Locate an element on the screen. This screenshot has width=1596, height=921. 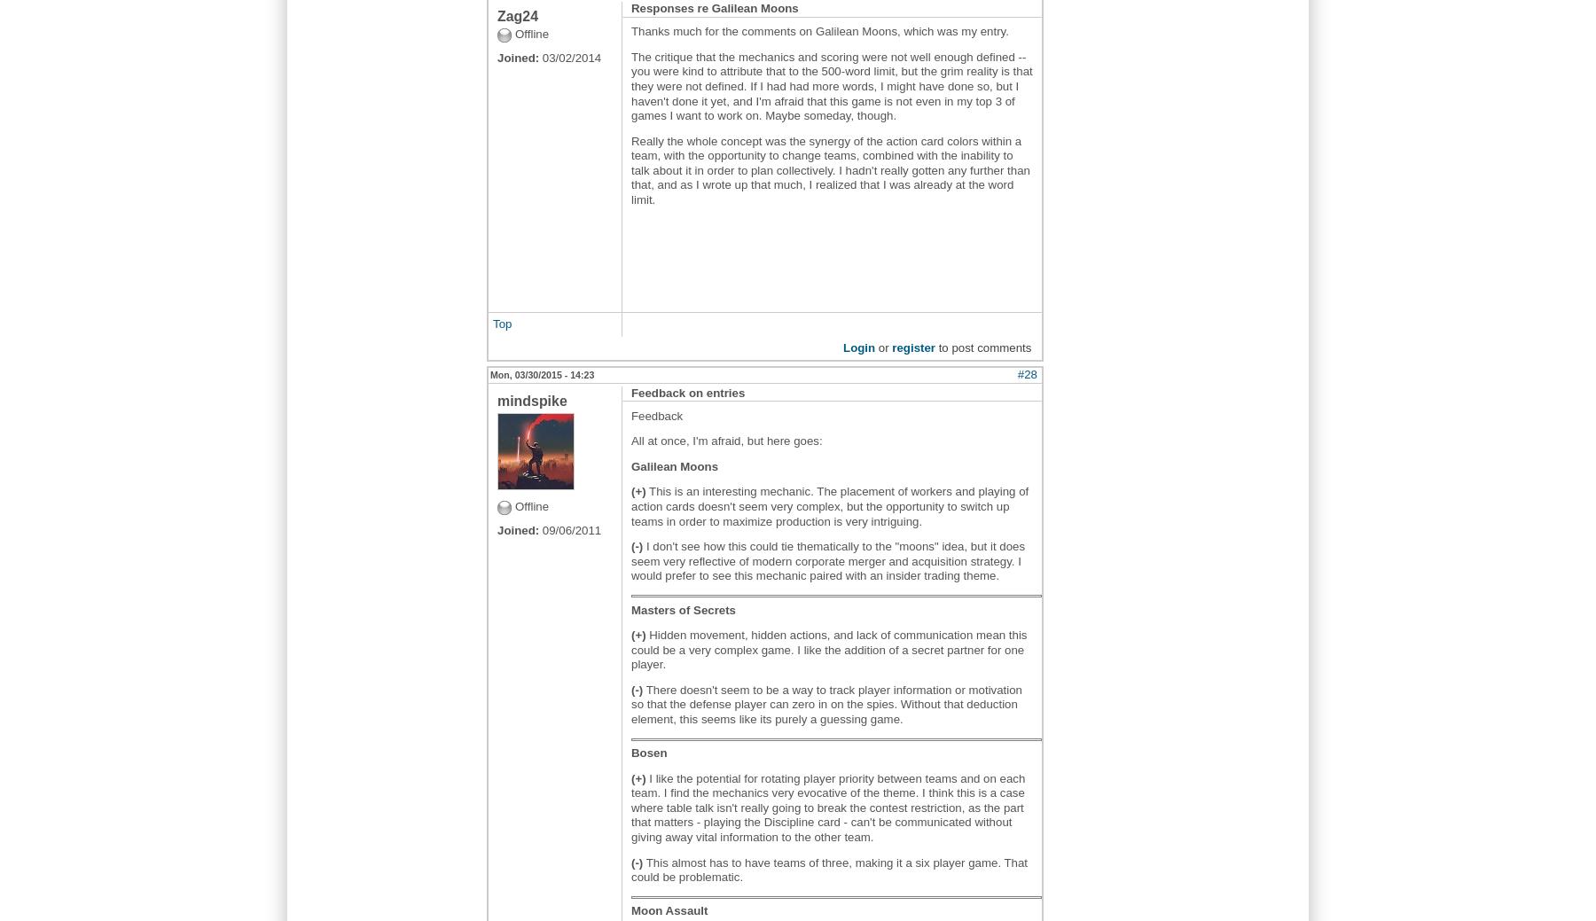
'to post comments' is located at coordinates (982, 346).